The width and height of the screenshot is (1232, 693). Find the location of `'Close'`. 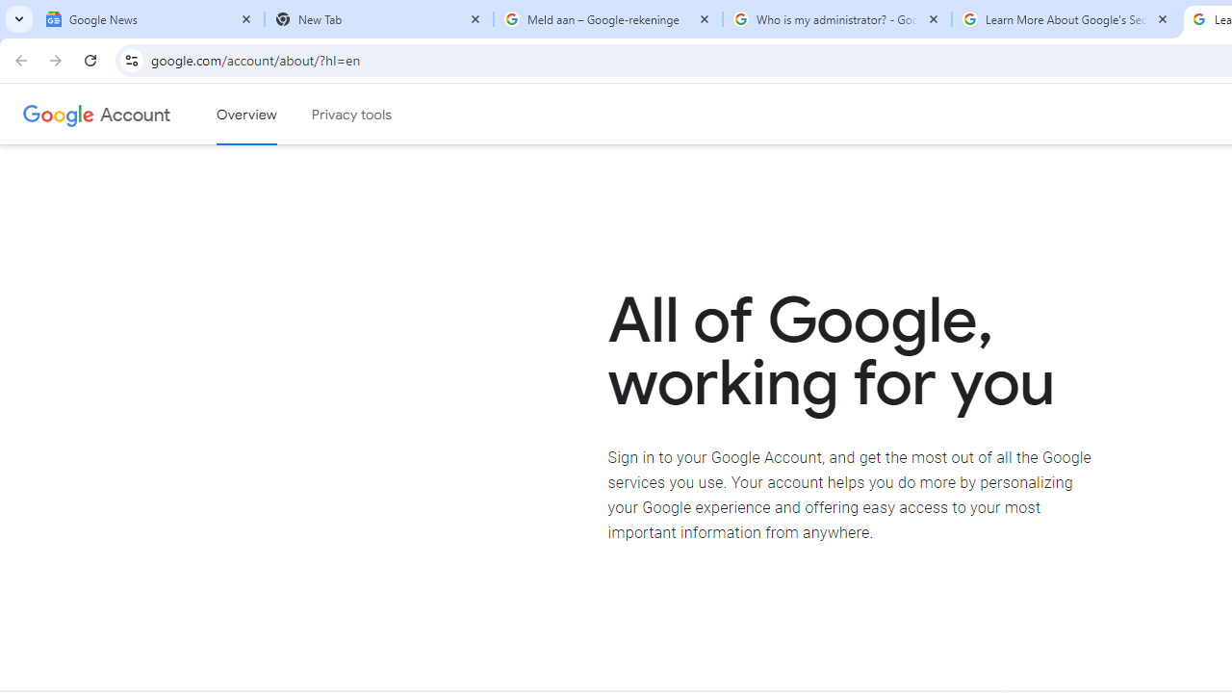

'Close' is located at coordinates (1162, 18).